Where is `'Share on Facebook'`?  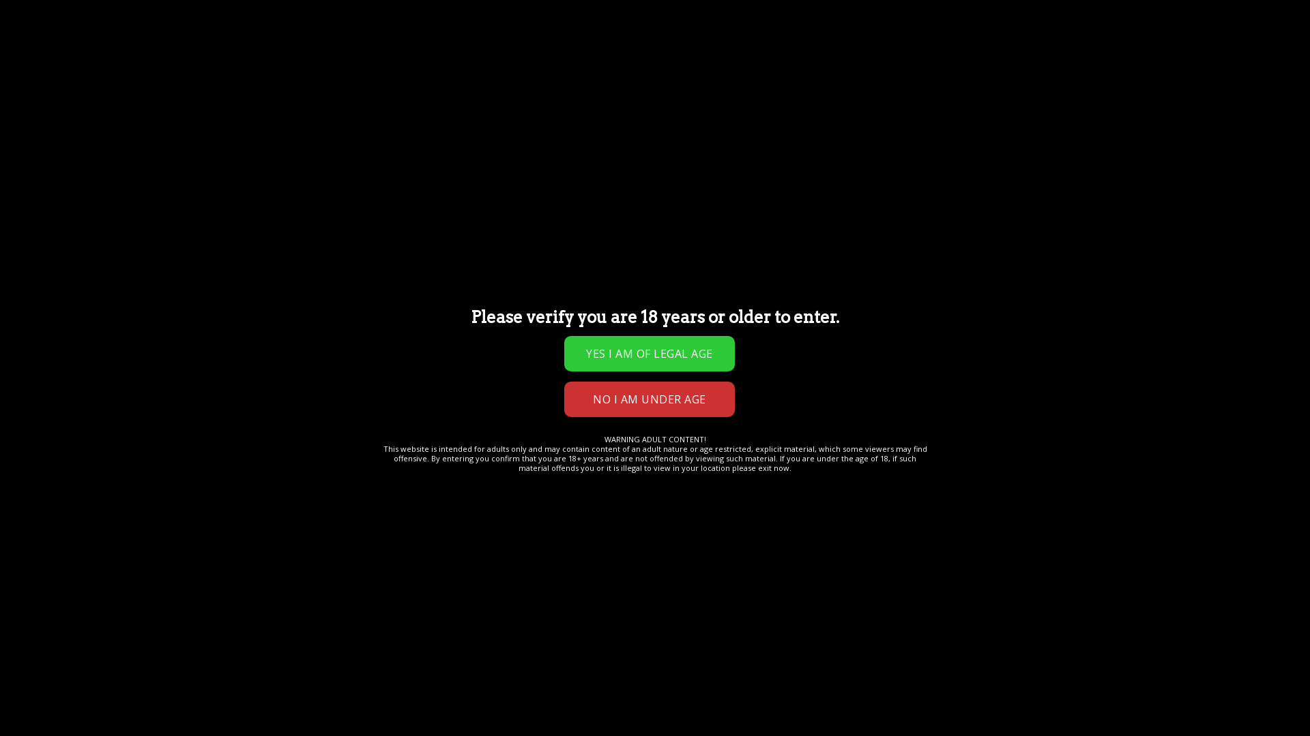 'Share on Facebook' is located at coordinates (483, 365).